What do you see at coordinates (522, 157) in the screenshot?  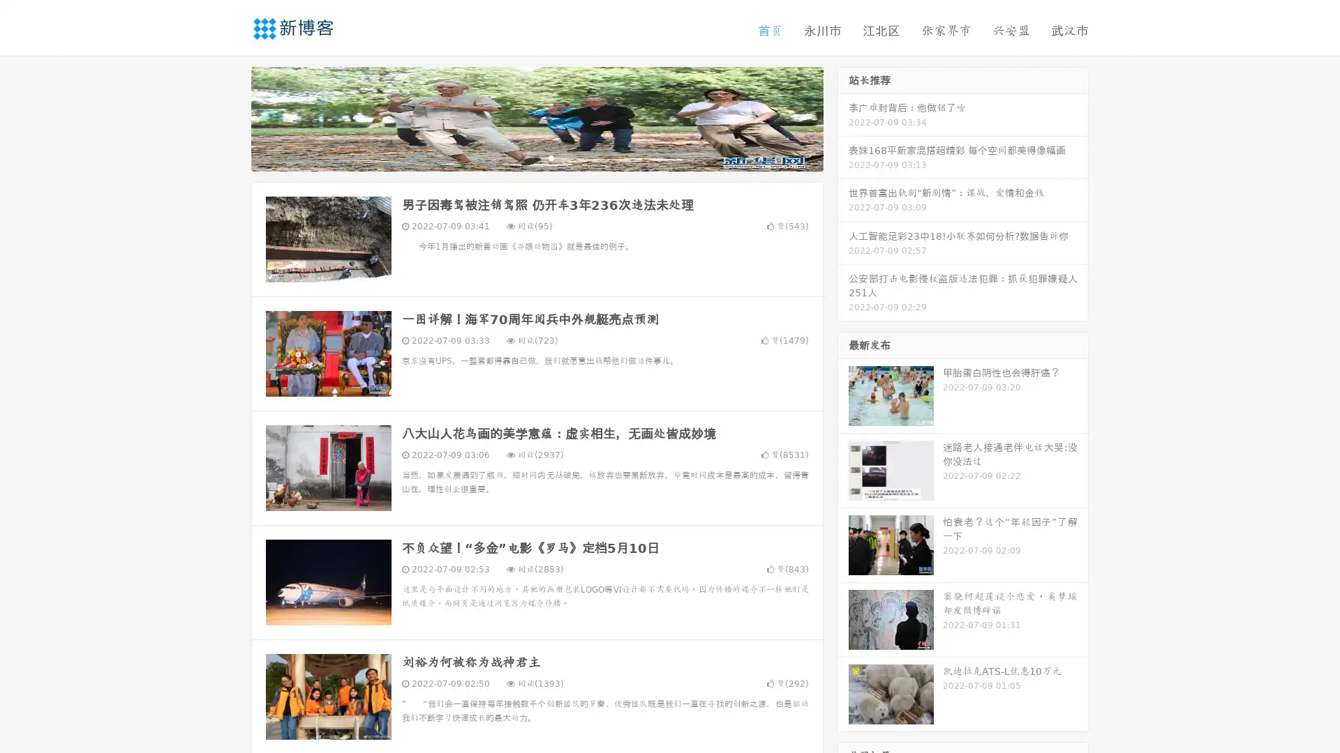 I see `Go to slide 1` at bounding box center [522, 157].